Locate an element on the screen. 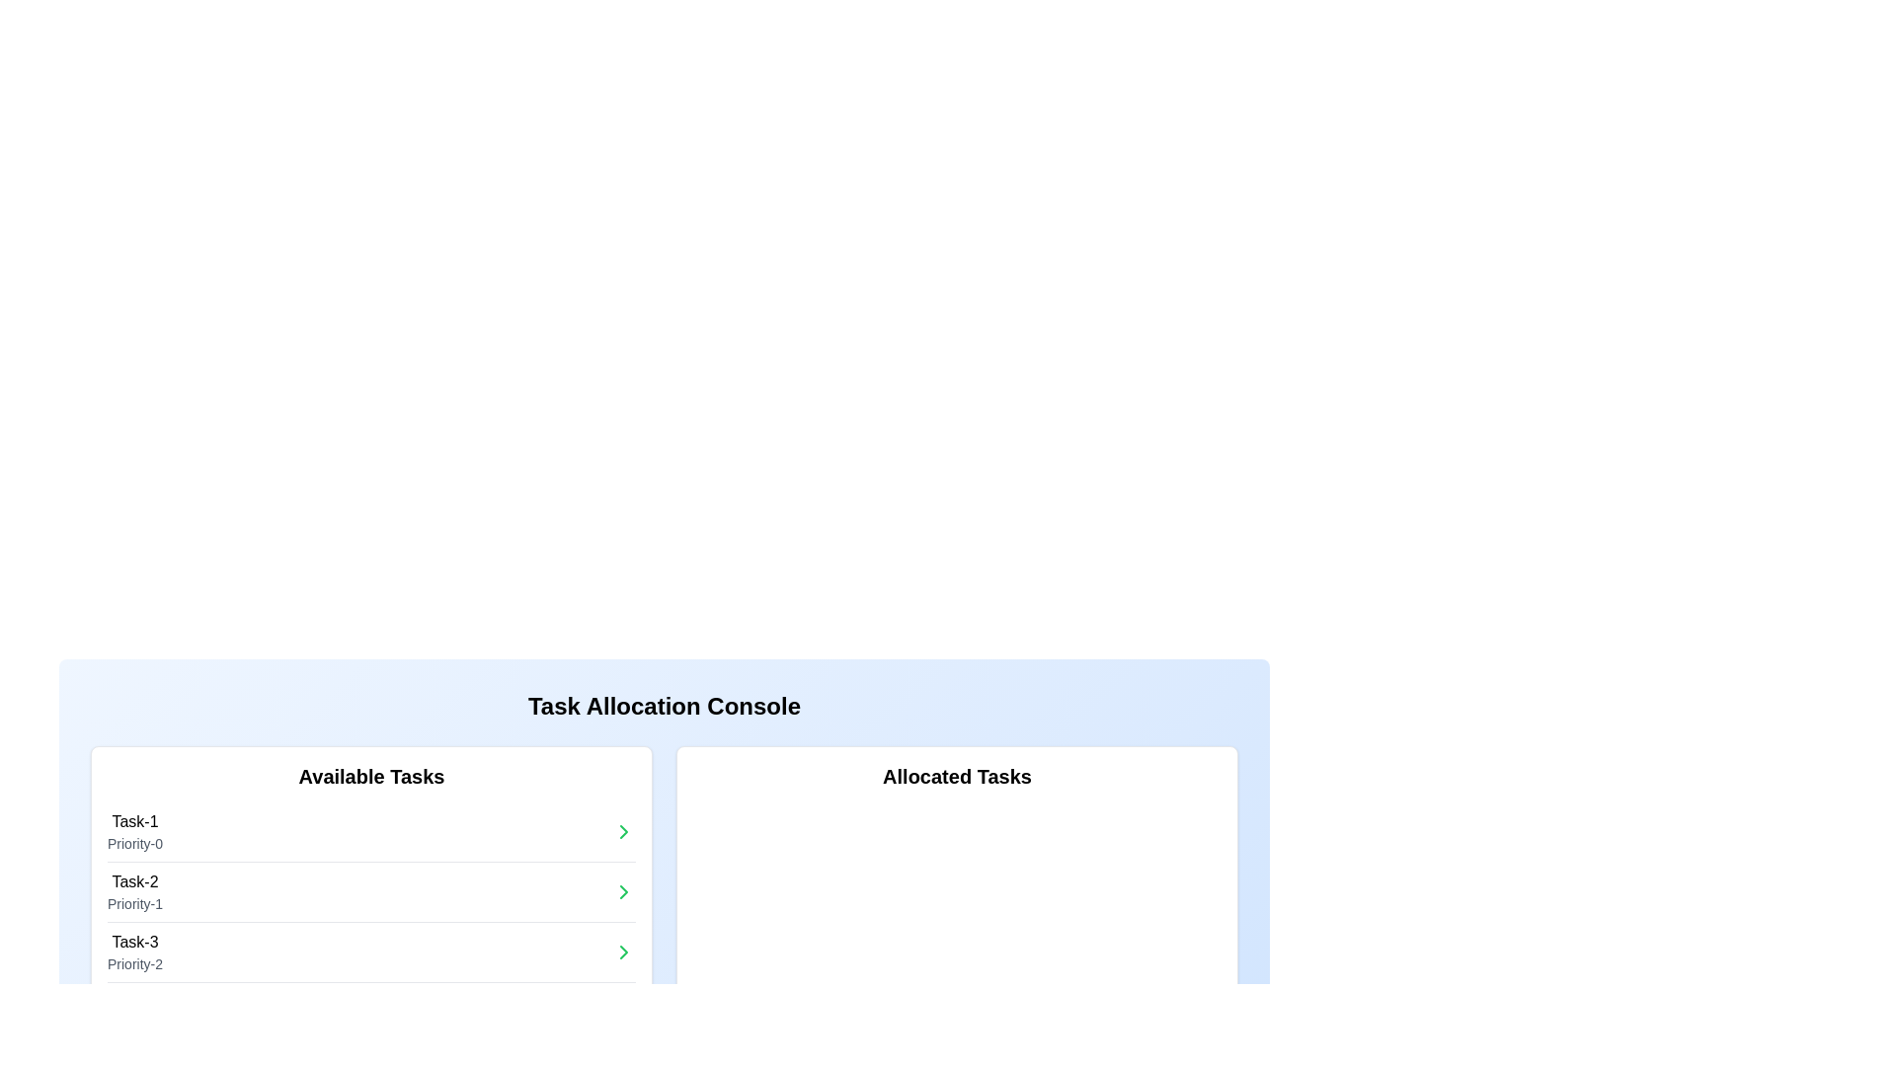  displayed text from the 'Task-3' and 'Priority-2' text label located at the bottom of the 'Available Tasks' section is located at coordinates (134, 951).